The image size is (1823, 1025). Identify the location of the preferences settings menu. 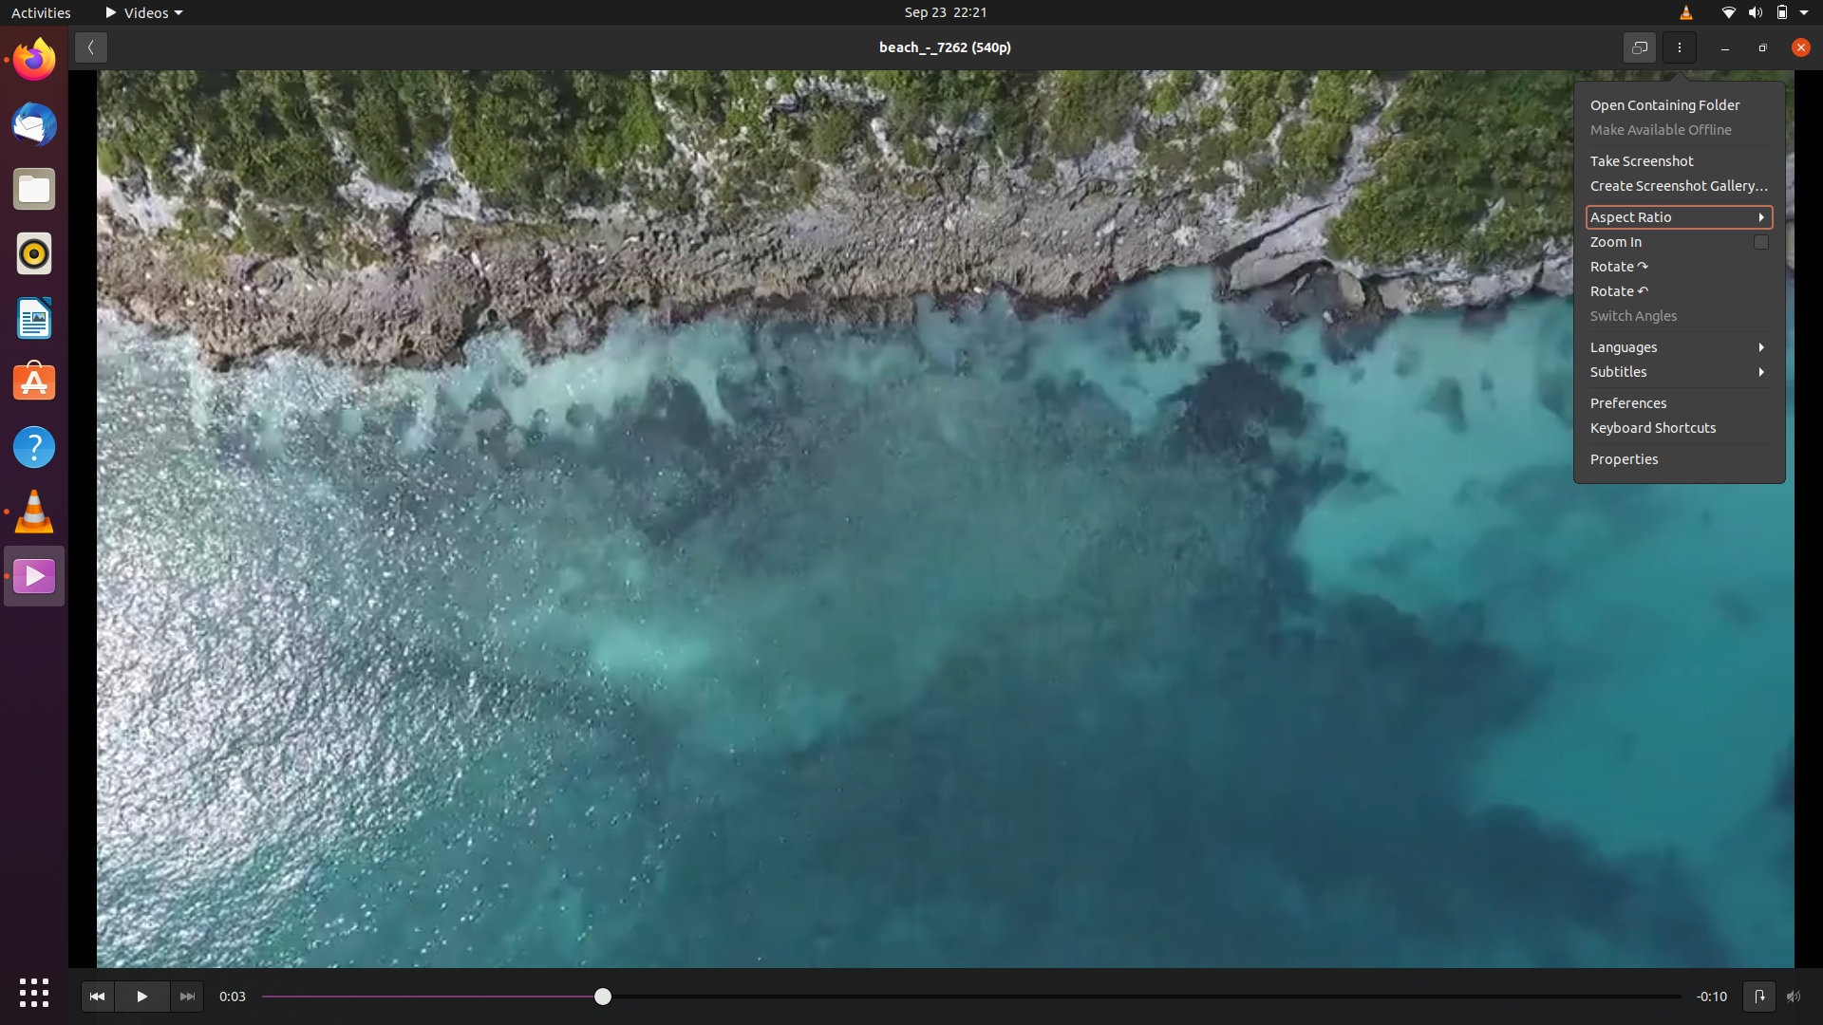
(1682, 401).